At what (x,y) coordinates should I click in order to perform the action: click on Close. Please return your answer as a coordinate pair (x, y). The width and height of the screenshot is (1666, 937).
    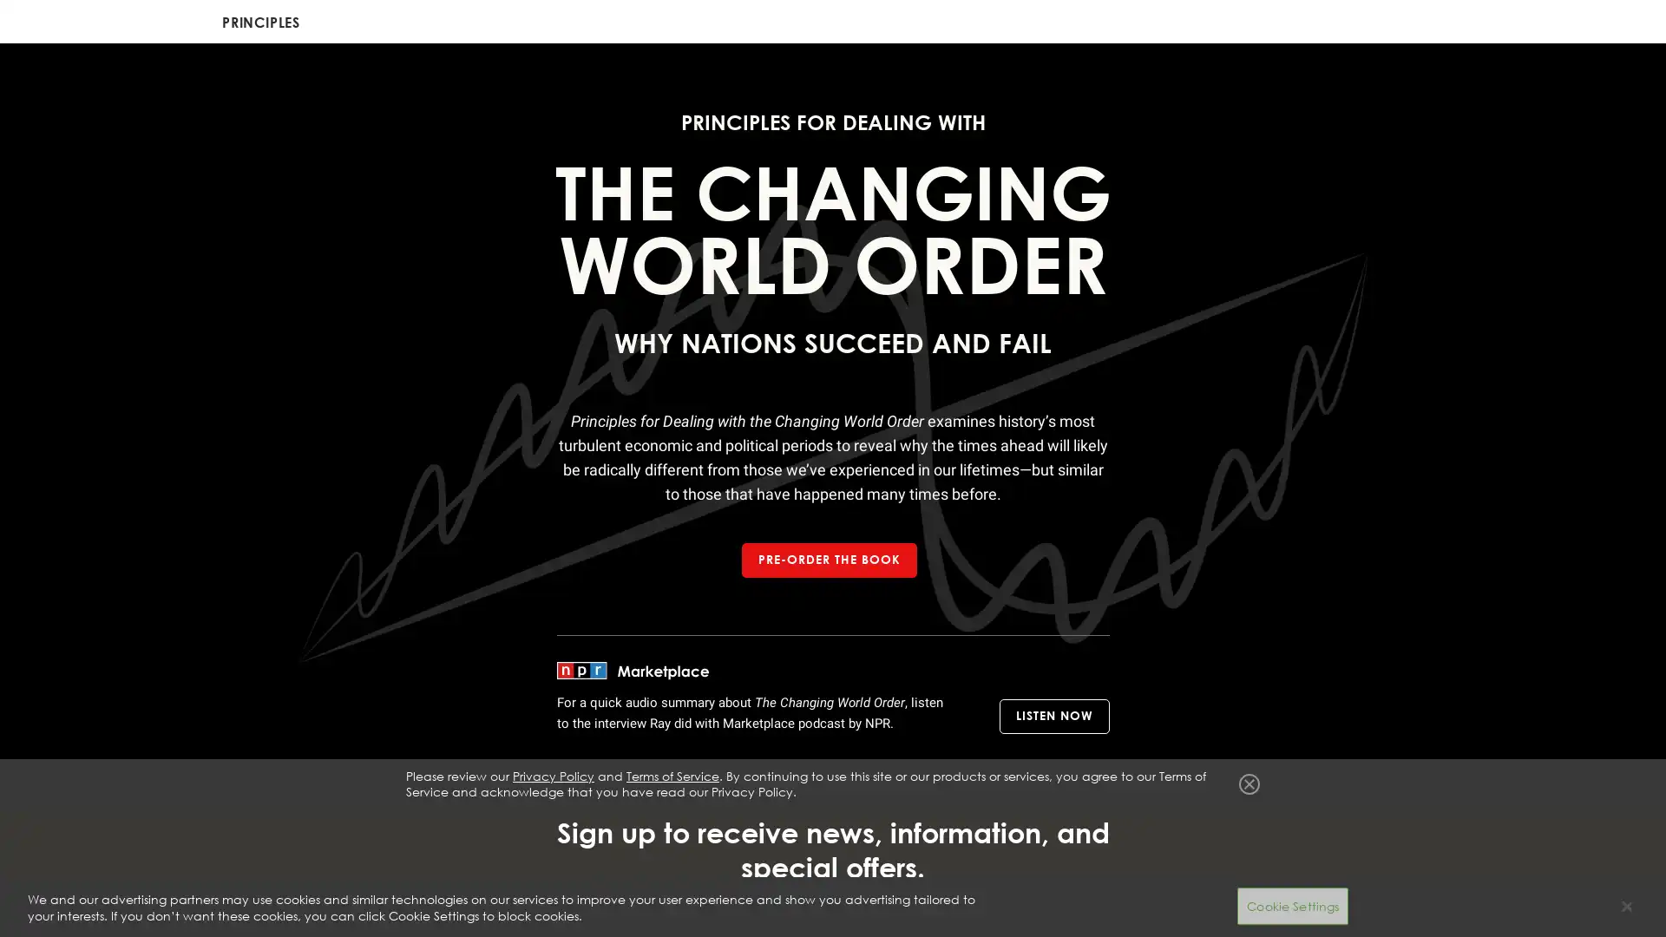
    Looking at the image, I should click on (1249, 852).